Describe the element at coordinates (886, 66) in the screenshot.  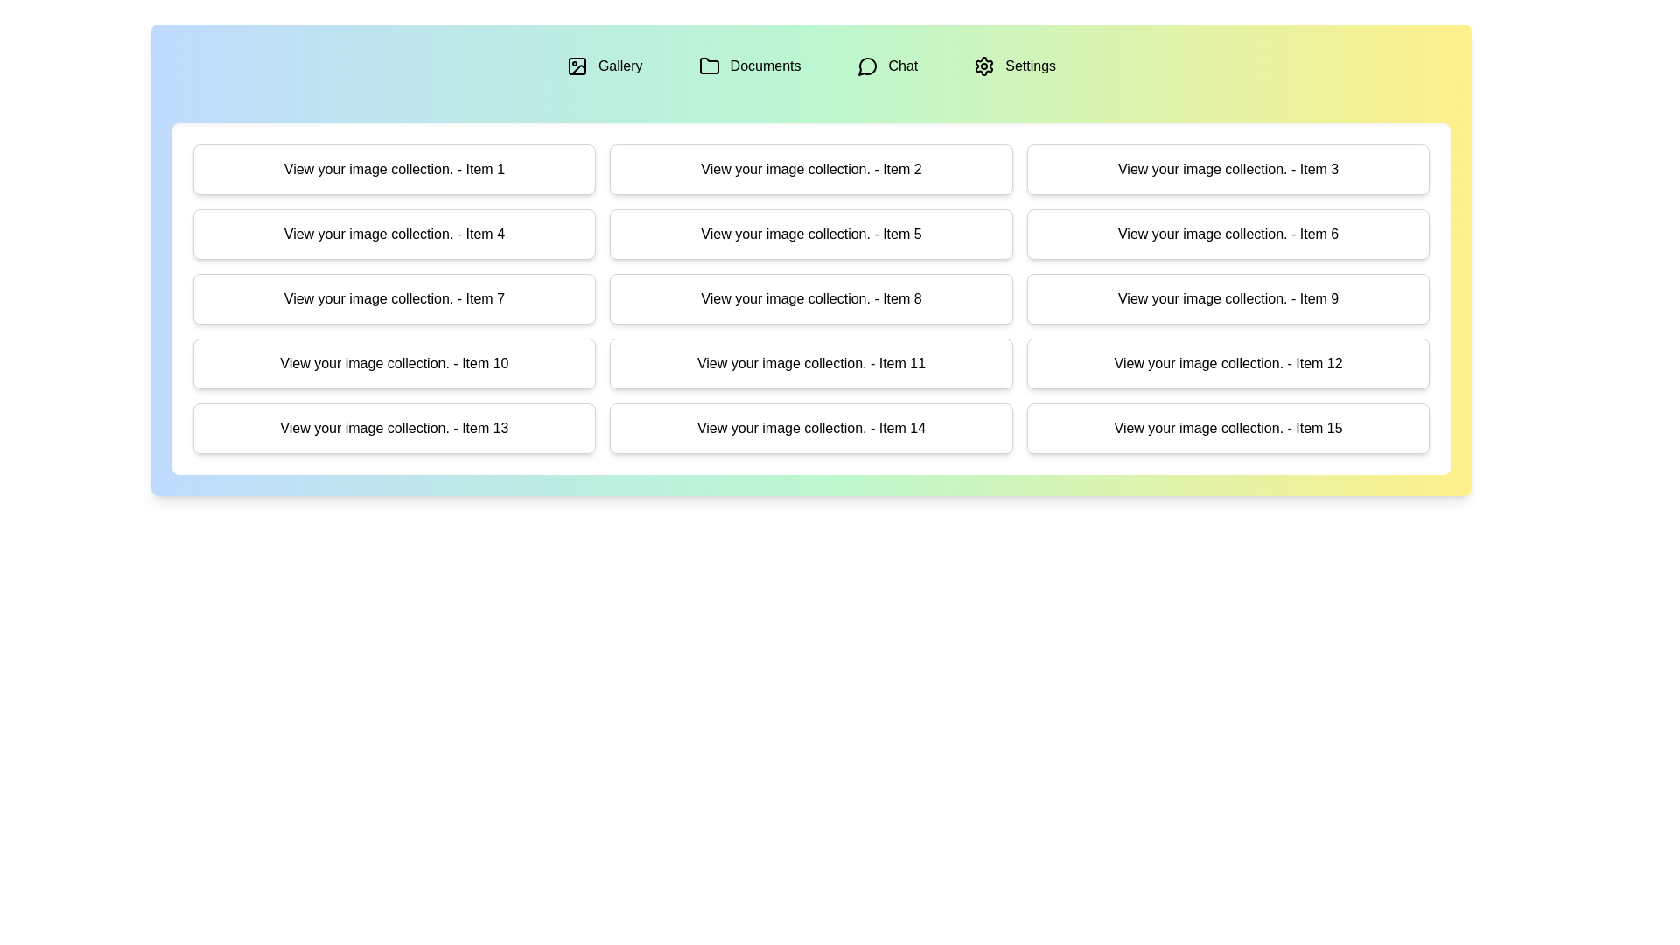
I see `the tab labeled Chat to preview its content` at that location.